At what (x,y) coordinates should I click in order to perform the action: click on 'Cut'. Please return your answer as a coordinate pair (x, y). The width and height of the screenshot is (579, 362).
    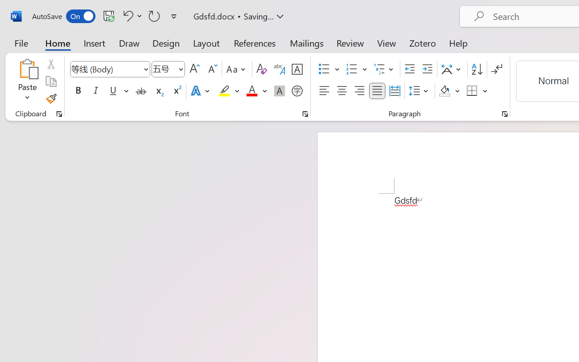
    Looking at the image, I should click on (50, 64).